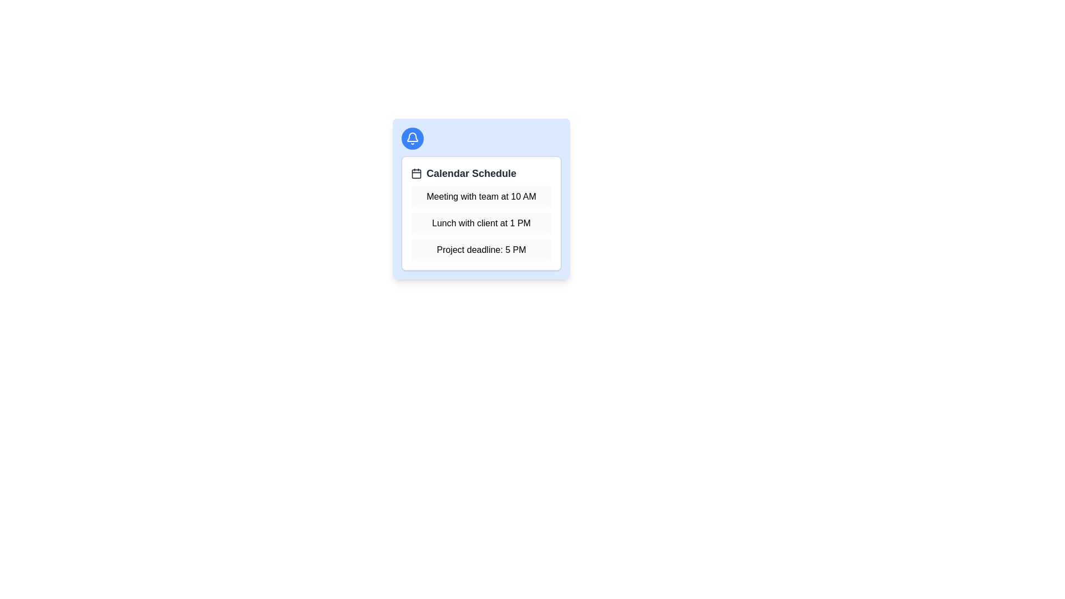  Describe the element at coordinates (415, 173) in the screenshot. I see `the main visual representation of the calendar icon located to the left of the text 'Calendar Schedule'` at that location.